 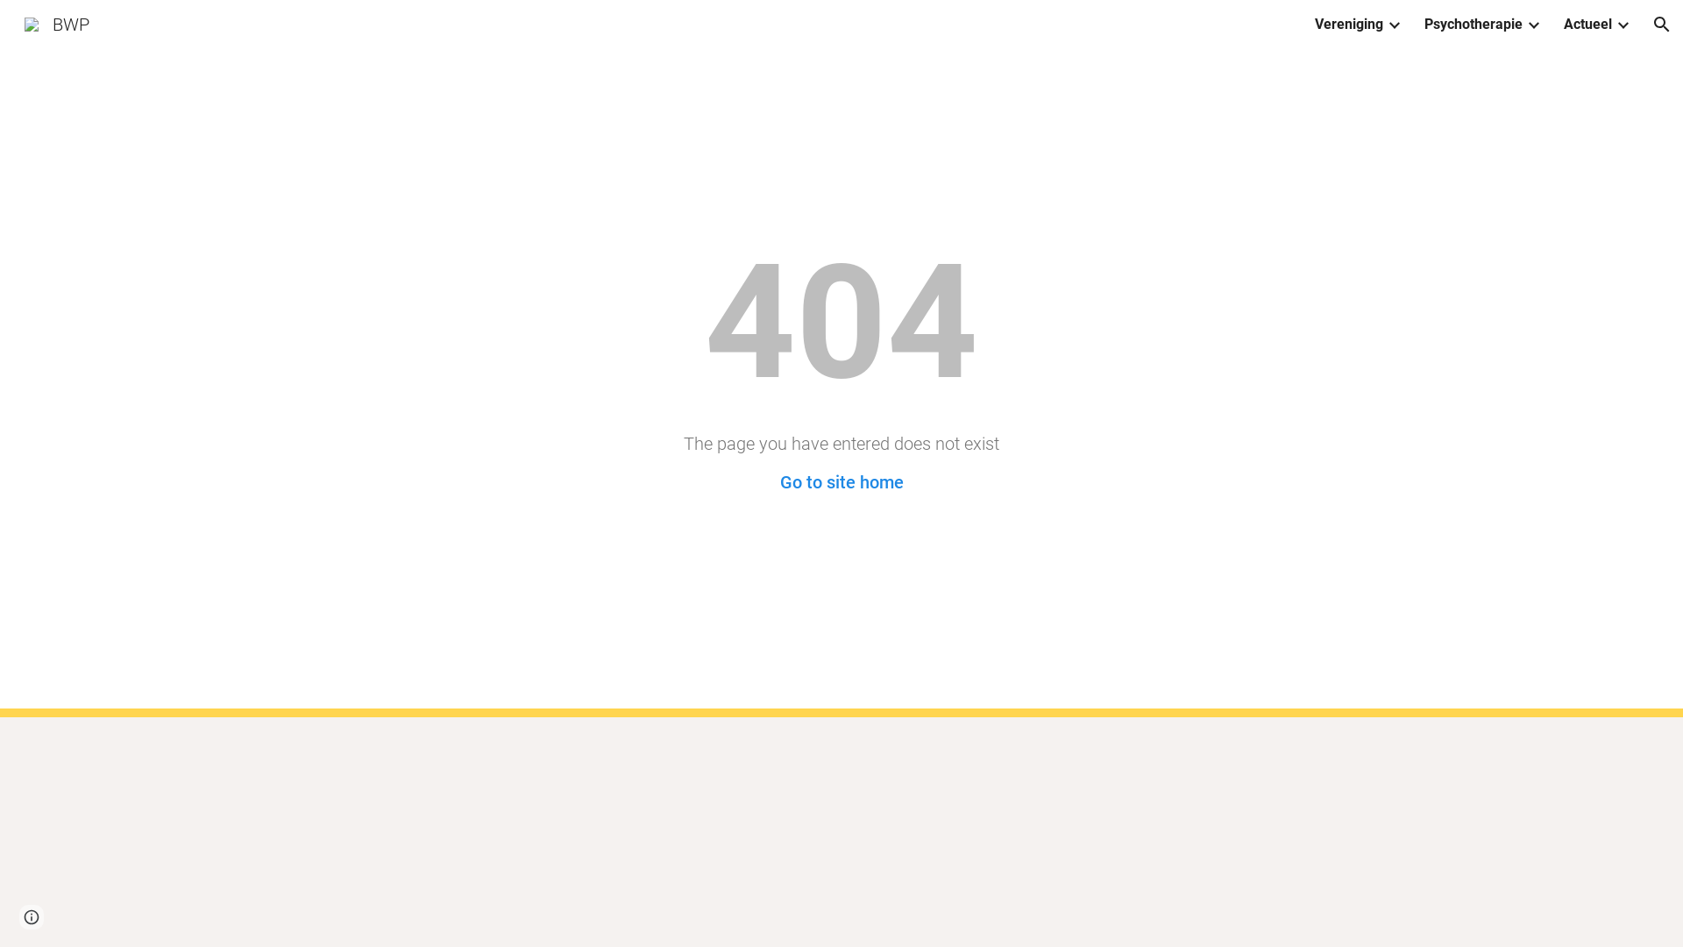 I want to click on 'Expand/Collapse', so click(x=1531, y=24).